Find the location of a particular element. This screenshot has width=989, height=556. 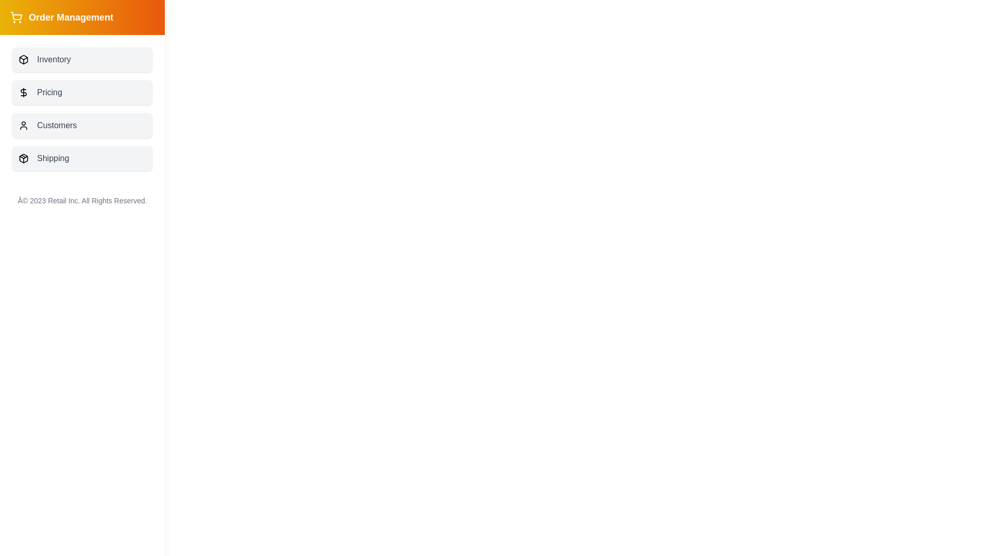

the menu item labeled Customers is located at coordinates (81, 125).